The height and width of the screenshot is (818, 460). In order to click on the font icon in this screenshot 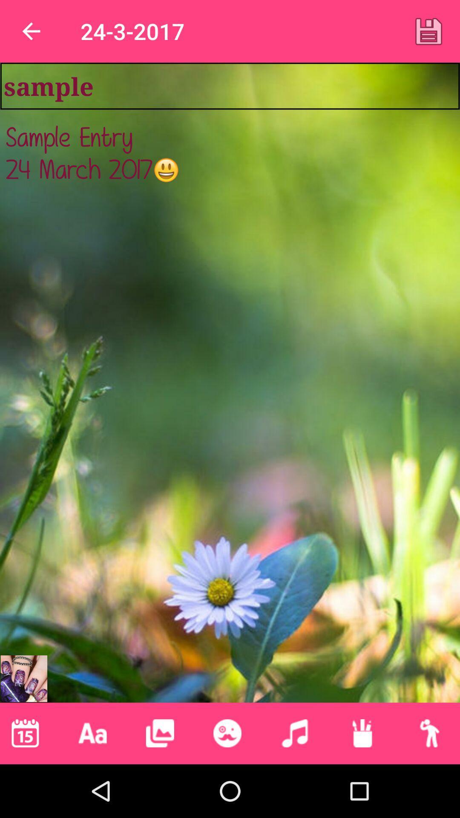, I will do `click(92, 733)`.